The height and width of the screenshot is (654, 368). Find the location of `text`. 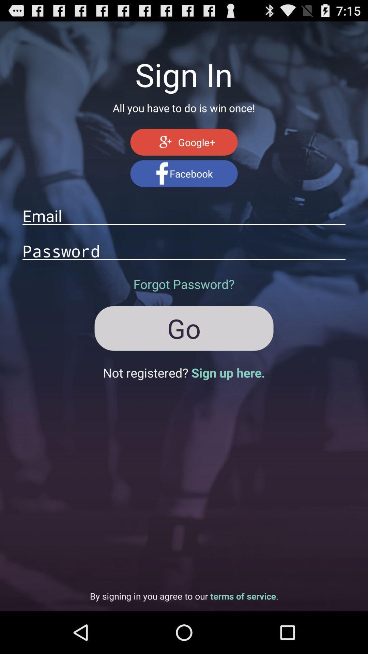

text is located at coordinates (184, 250).